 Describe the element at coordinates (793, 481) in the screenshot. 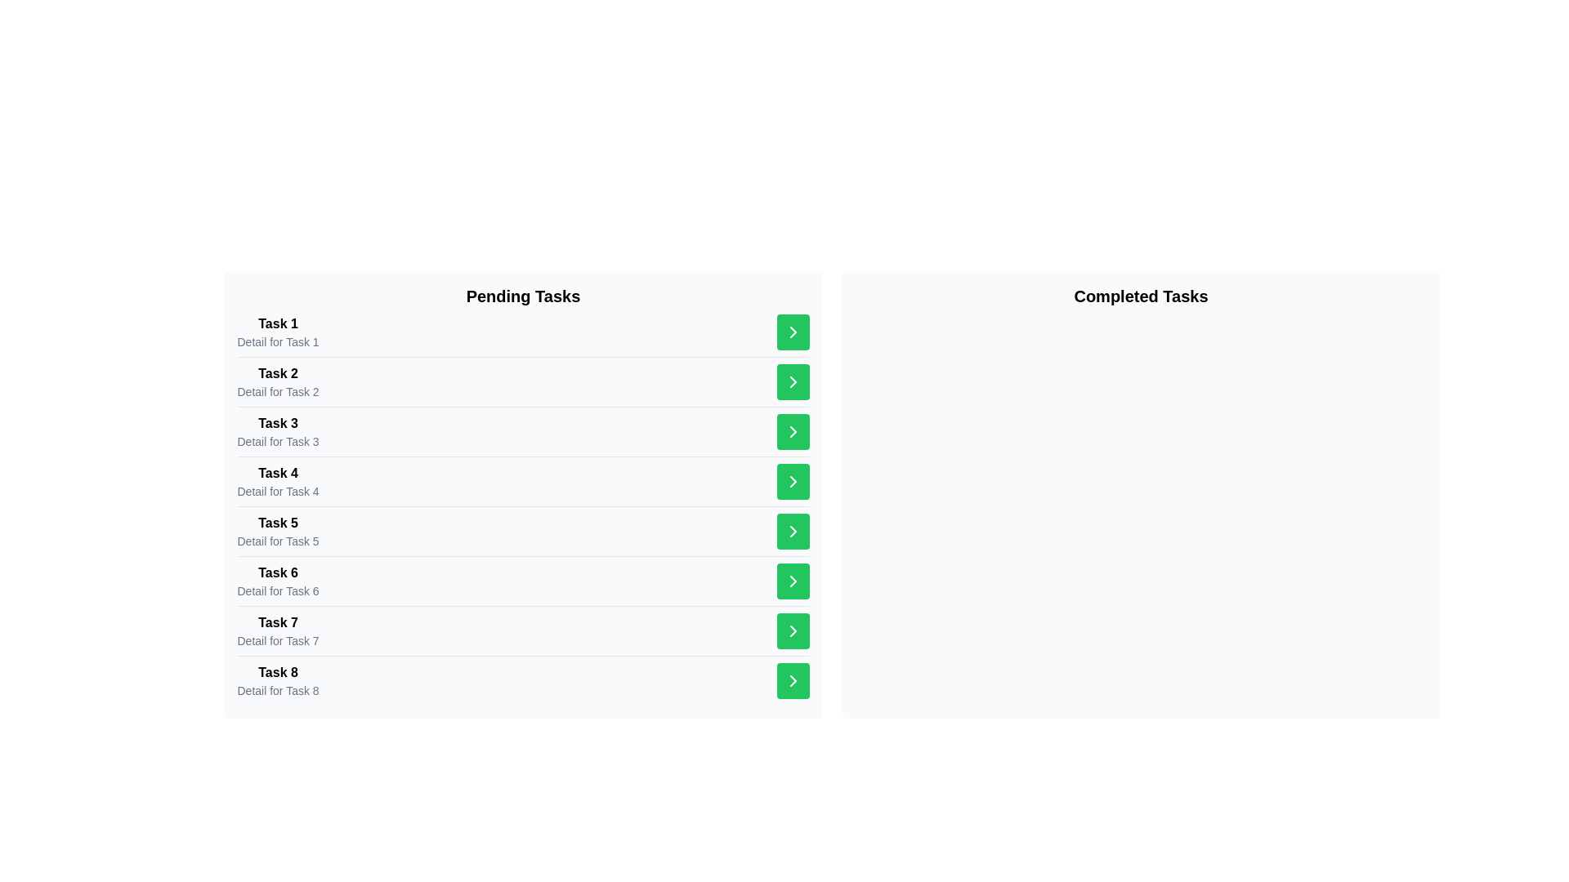

I see `the button located in the right section of the row labeled 'Task 4' in the 'Pending Tasks' list` at that location.